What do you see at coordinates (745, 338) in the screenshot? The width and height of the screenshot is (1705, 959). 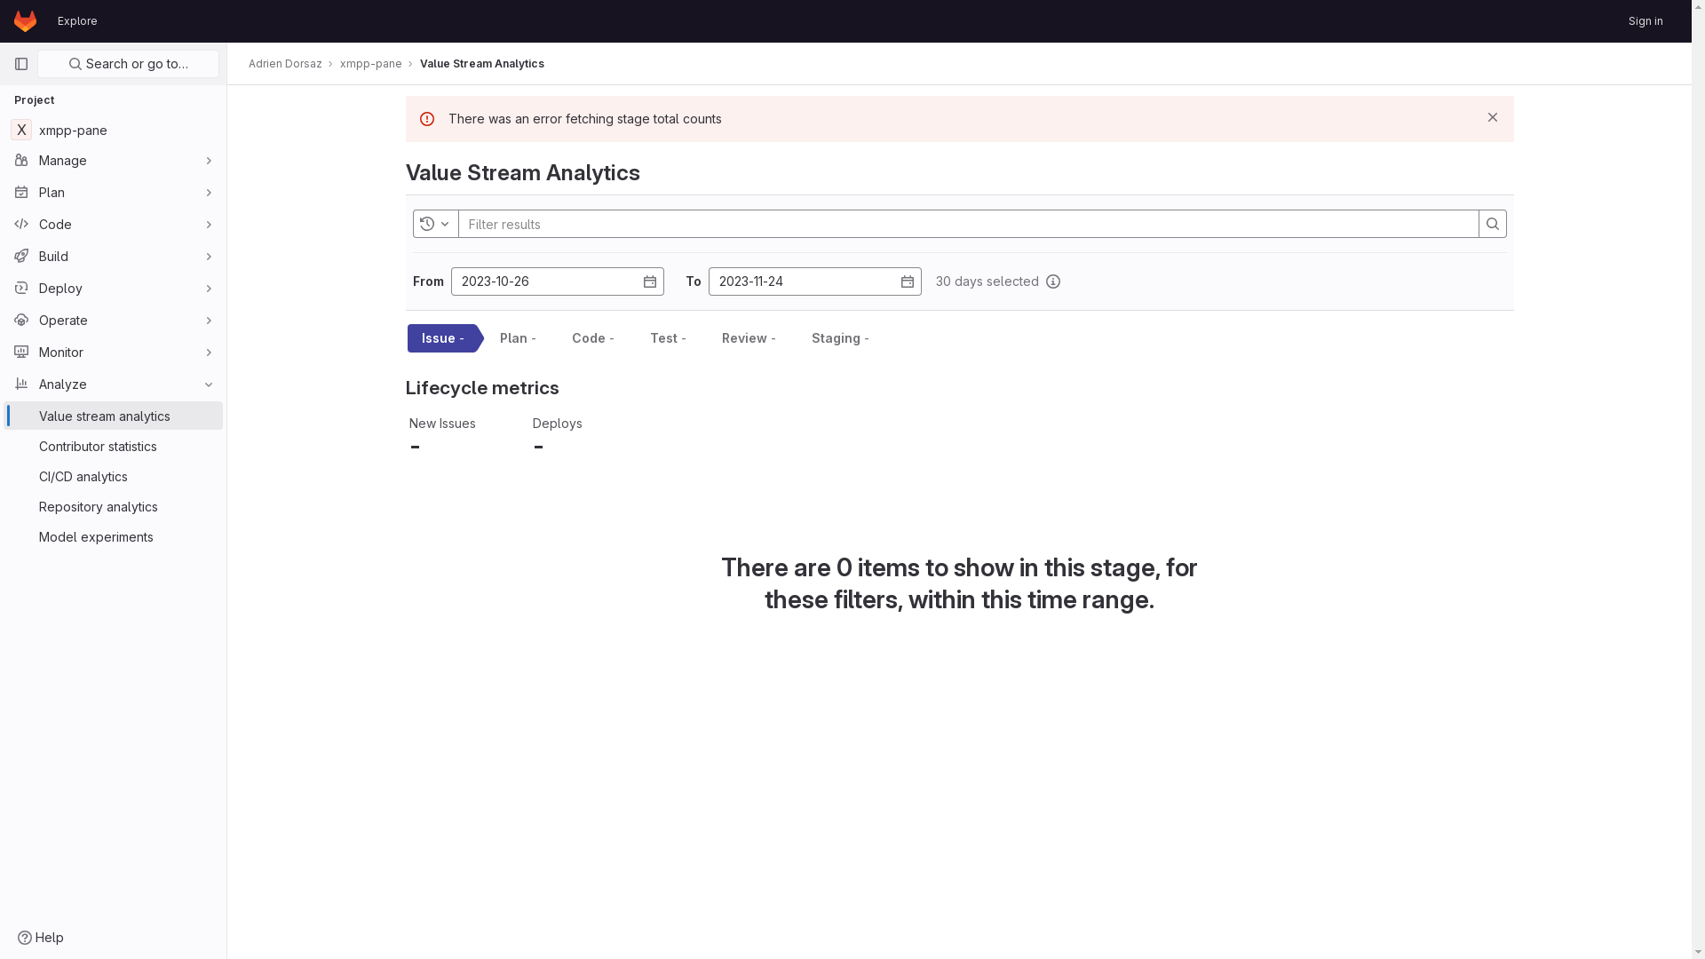 I see `'Review` at bounding box center [745, 338].